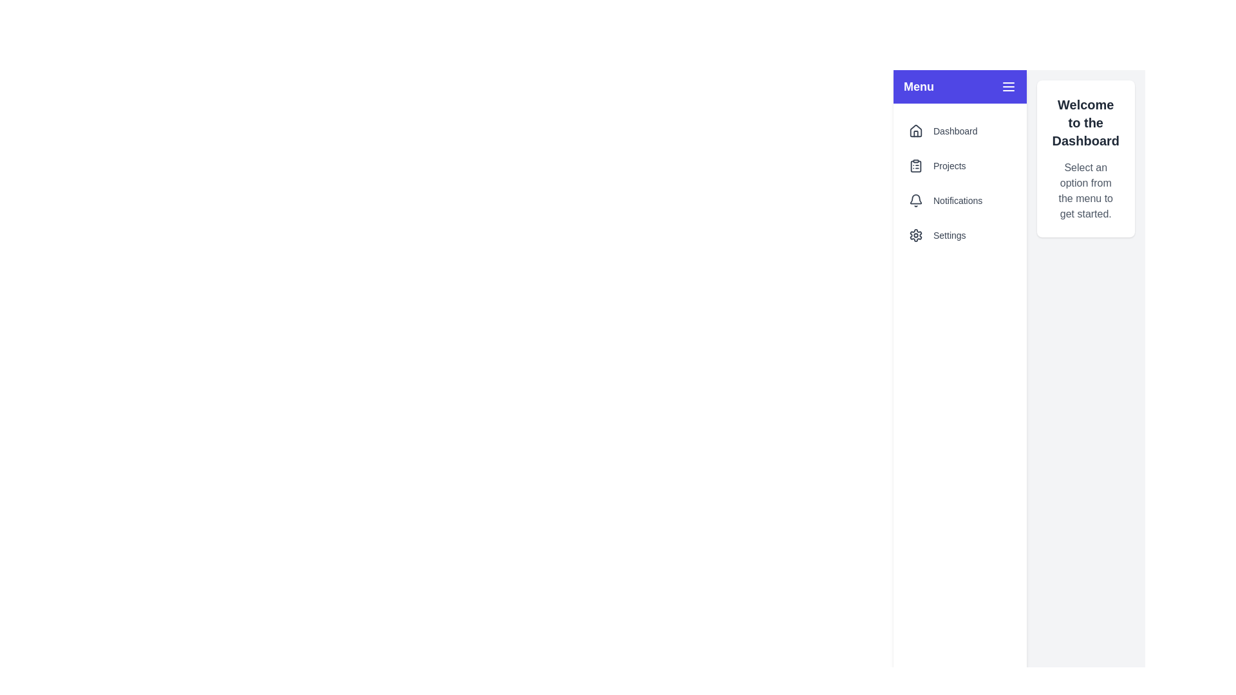 The height and width of the screenshot is (695, 1236). What do you see at coordinates (960, 165) in the screenshot?
I see `the menu item labeled Projects` at bounding box center [960, 165].